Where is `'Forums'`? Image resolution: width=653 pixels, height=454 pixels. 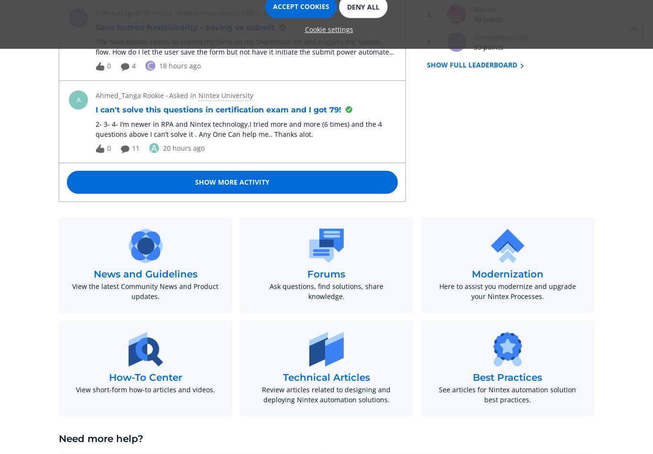
'Forums' is located at coordinates (326, 274).